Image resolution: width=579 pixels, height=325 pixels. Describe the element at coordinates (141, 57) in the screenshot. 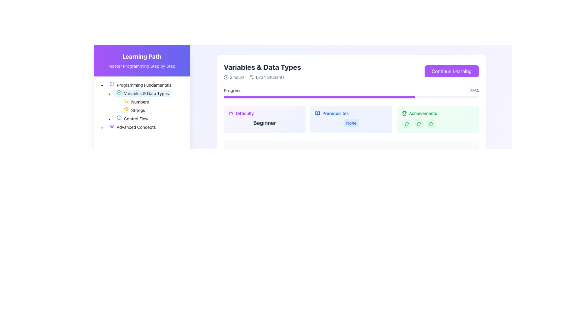

I see `the text label serving as a section title located at the top-left corner of the interface, above the content labeled 'Master Programming Step by Step.'` at that location.